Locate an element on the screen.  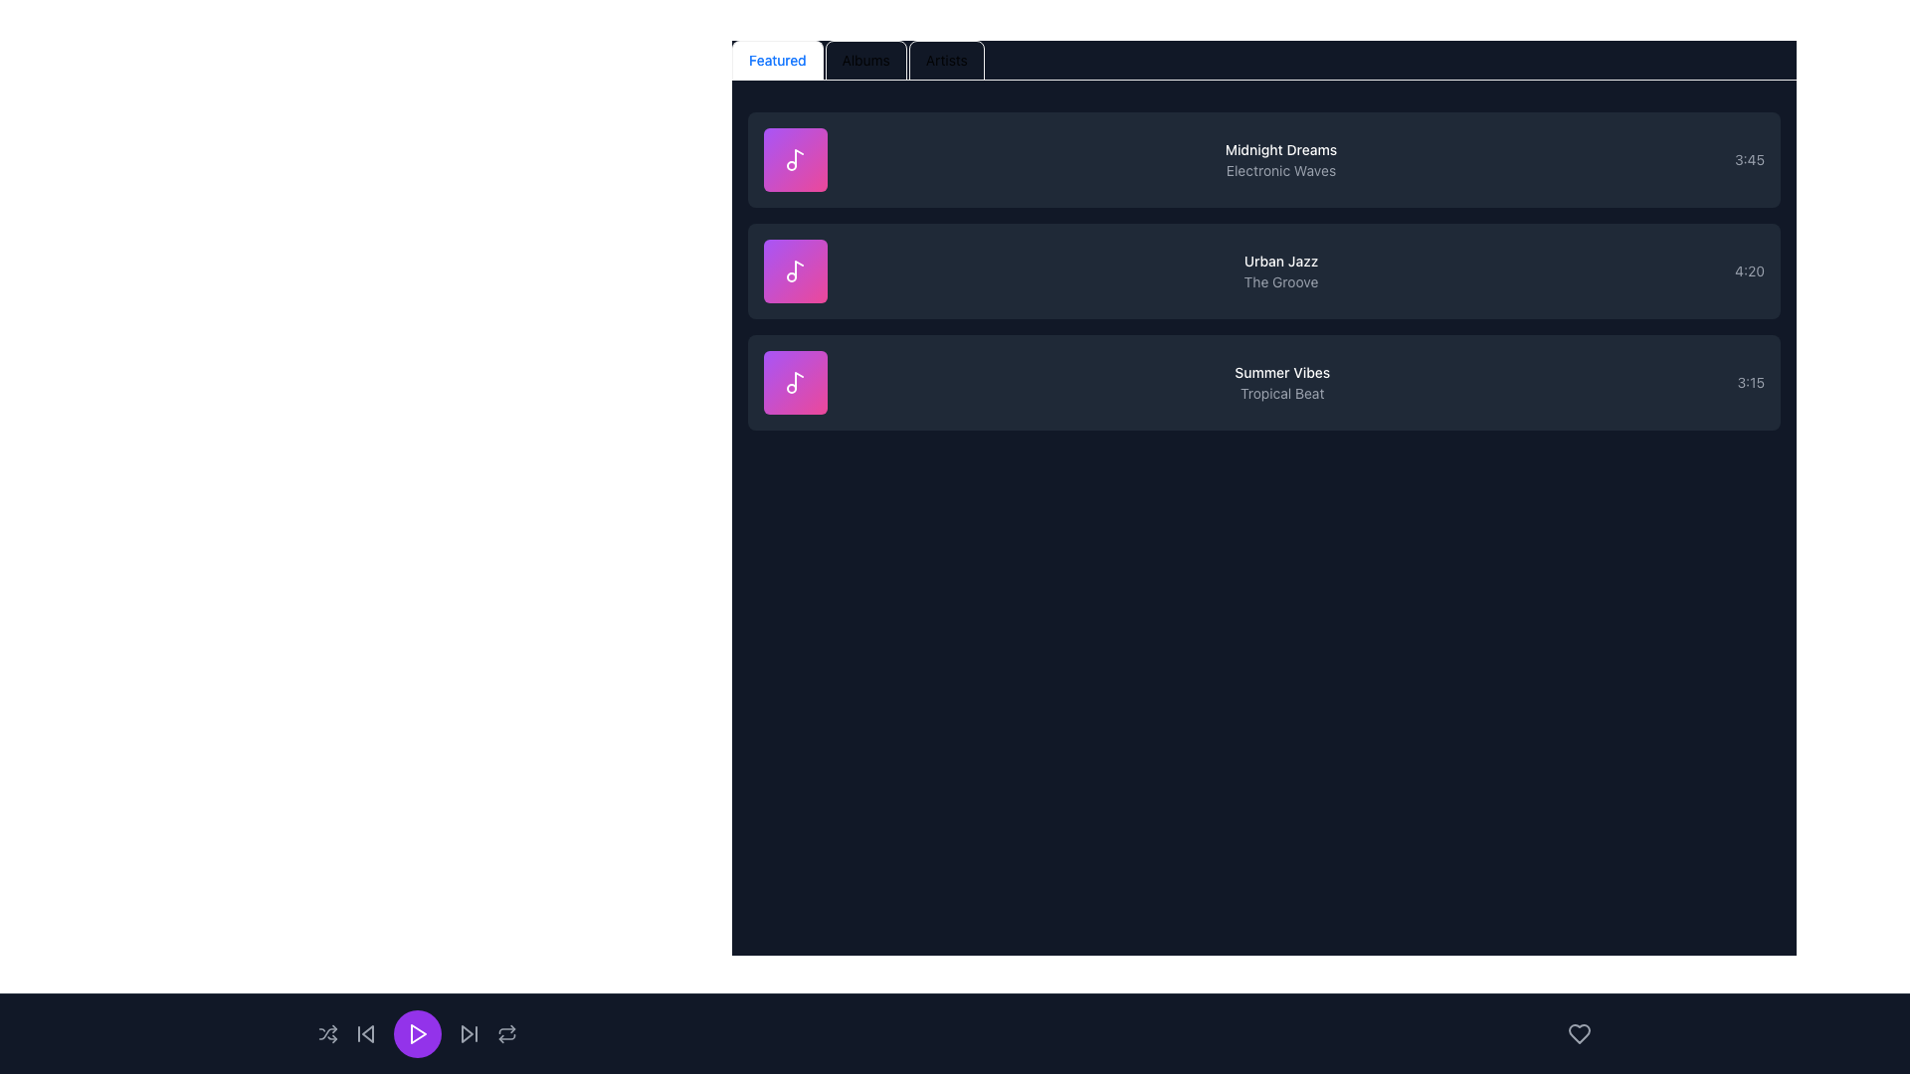
the text label displaying the track duration '3:45', which is styled in light gray and positioned to the far right of the first track item is located at coordinates (1748, 159).